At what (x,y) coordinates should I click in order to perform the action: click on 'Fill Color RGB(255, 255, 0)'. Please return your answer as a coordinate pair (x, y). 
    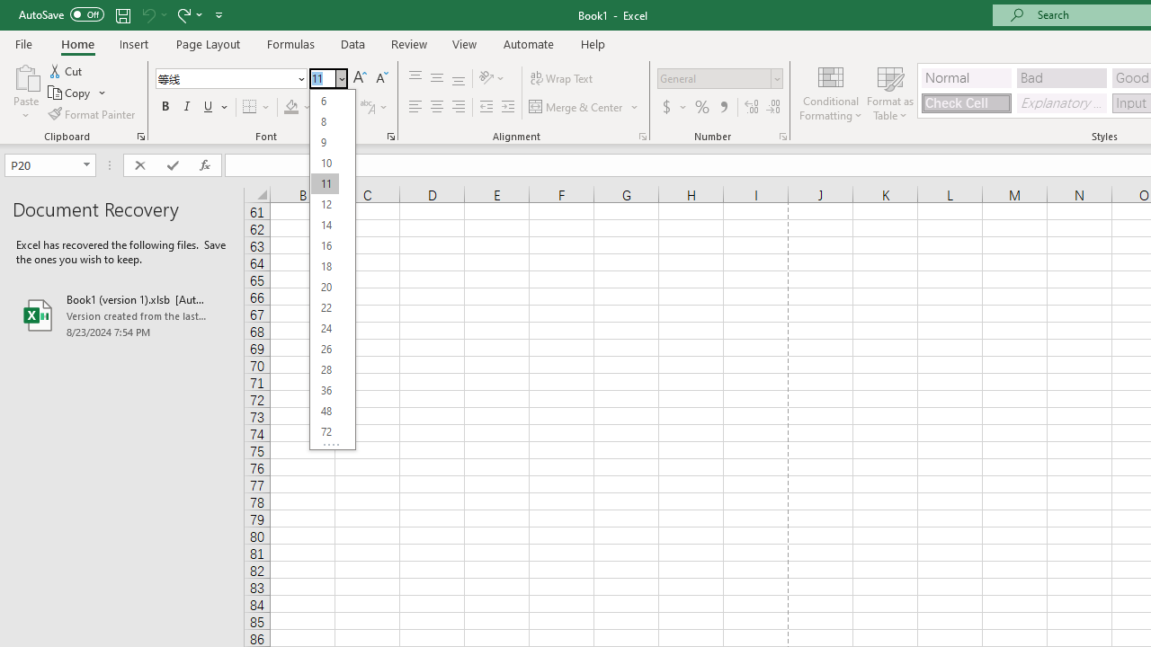
    Looking at the image, I should click on (291, 107).